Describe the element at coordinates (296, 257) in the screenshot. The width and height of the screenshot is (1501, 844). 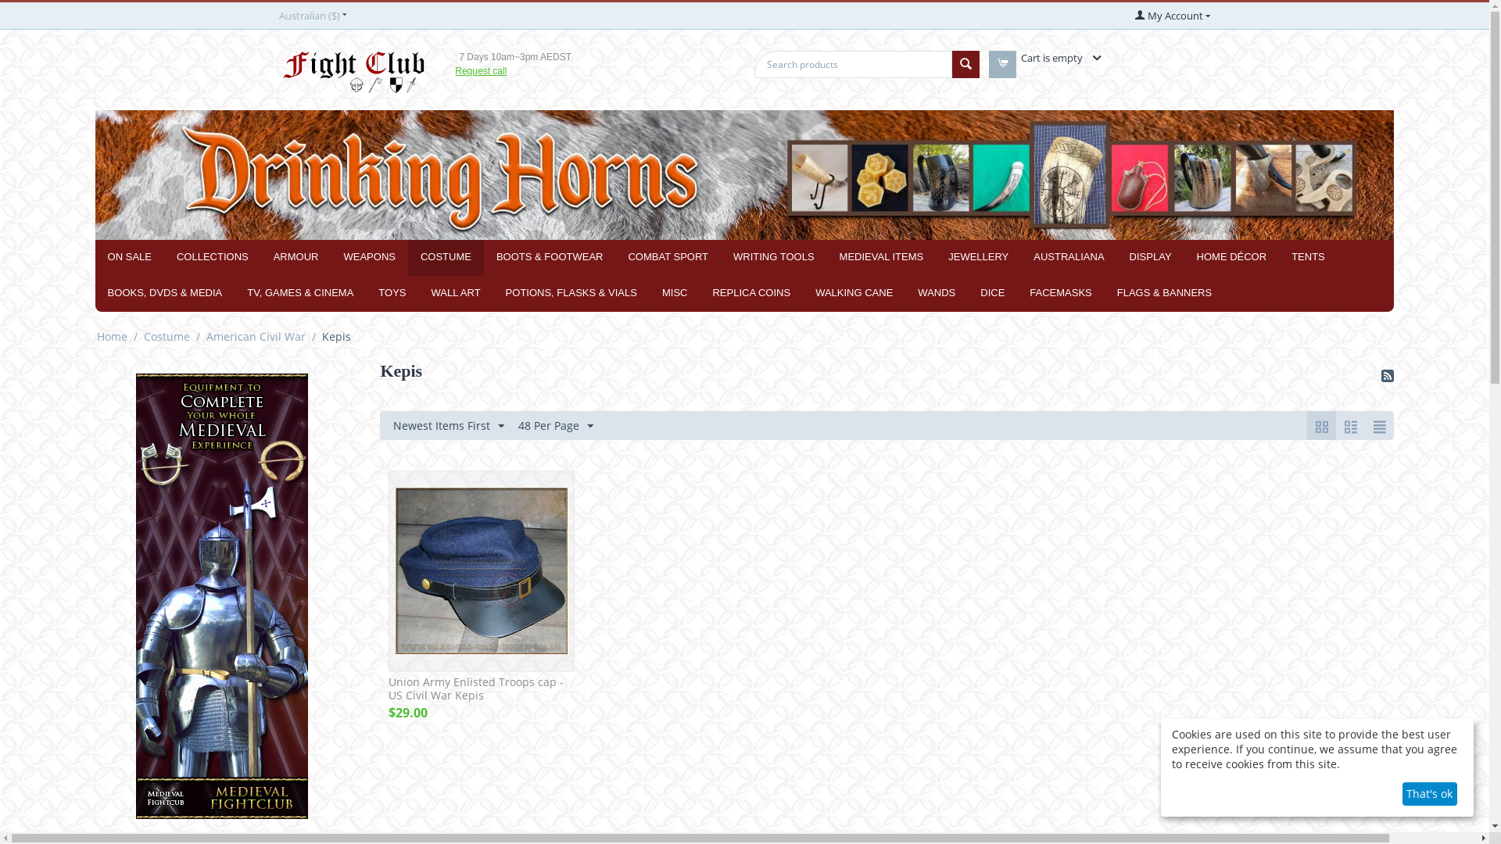
I see `'ARMOUR'` at that location.